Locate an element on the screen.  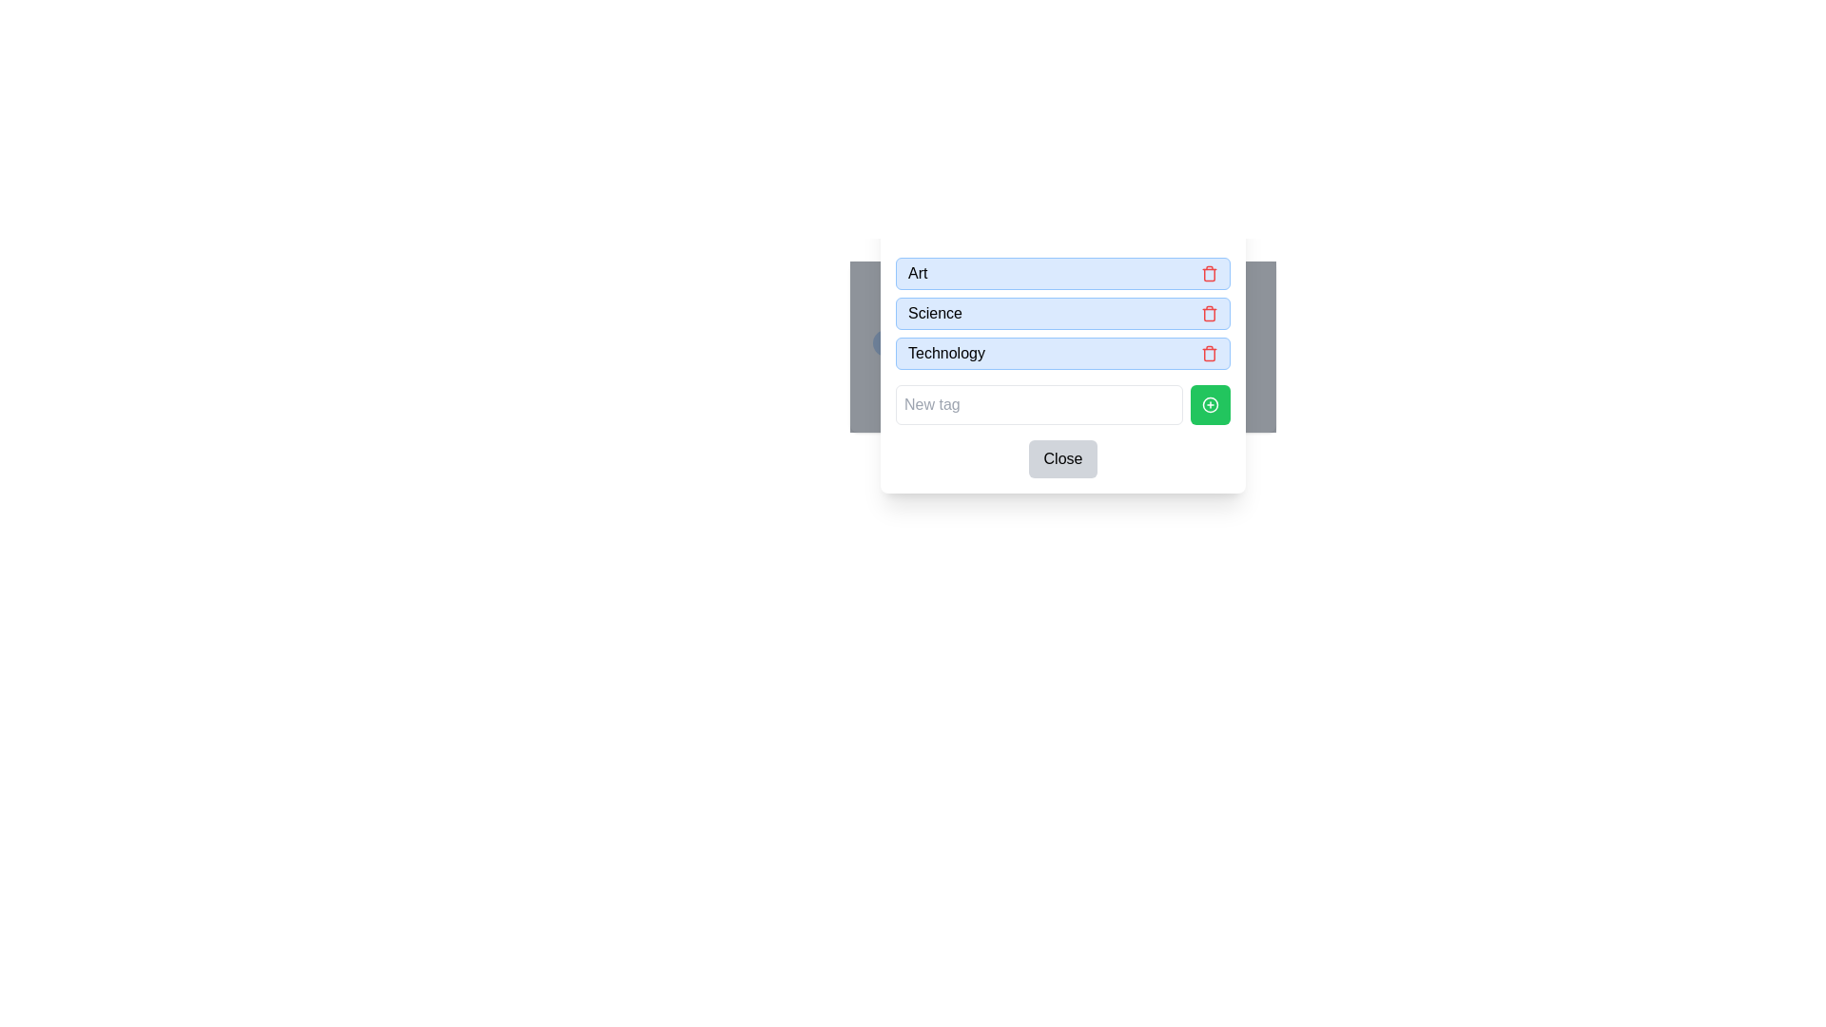
the Labeled Section with the bold text 'Technology' and a small red trash bin icon on its right, which is the third item in the list of labeled sections is located at coordinates (1062, 353).